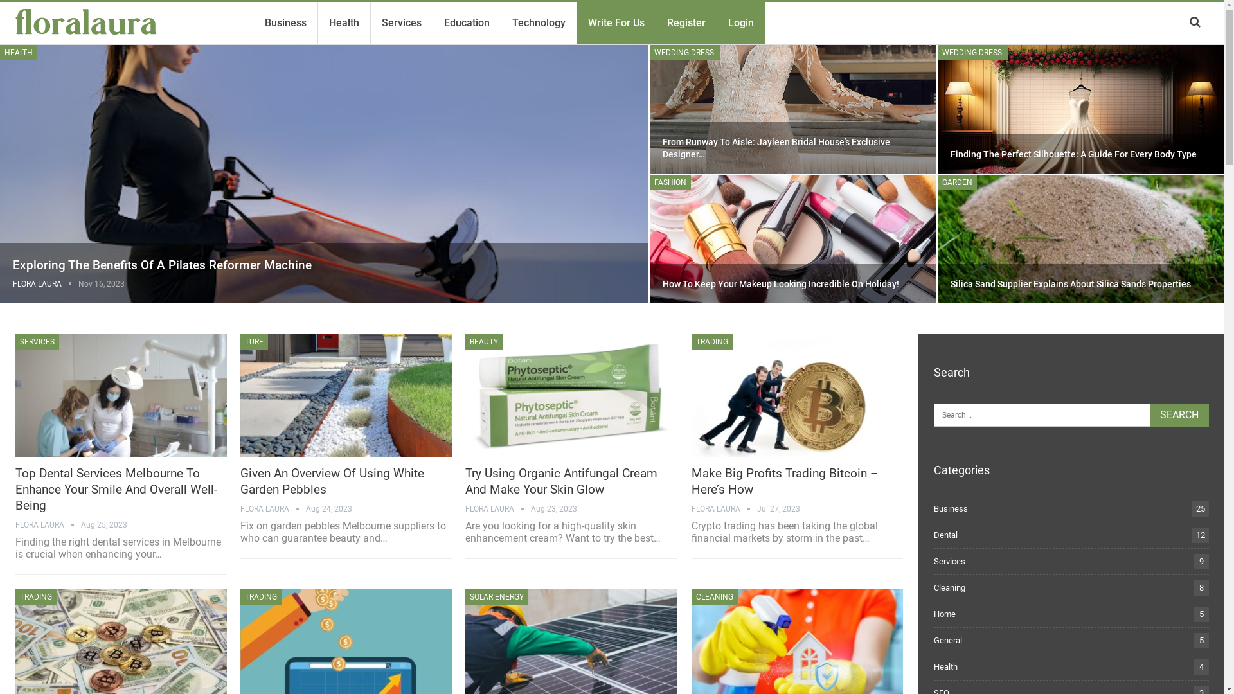 Image resolution: width=1234 pixels, height=694 pixels. Describe the element at coordinates (936, 108) in the screenshot. I see `'Finding the Perfect Silhouette: A Guide for Every Body Type'` at that location.